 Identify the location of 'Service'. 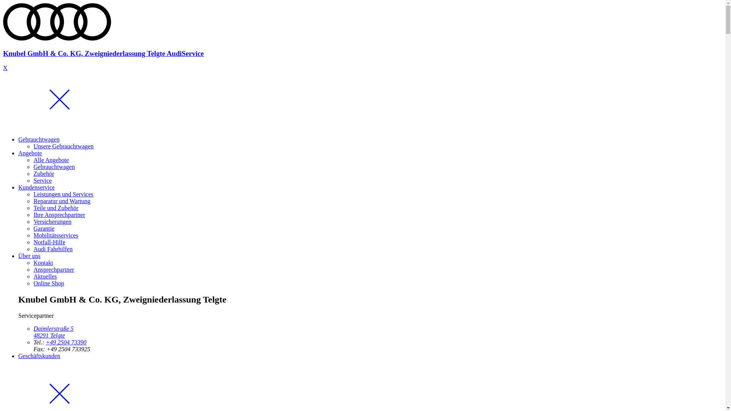
(33, 180).